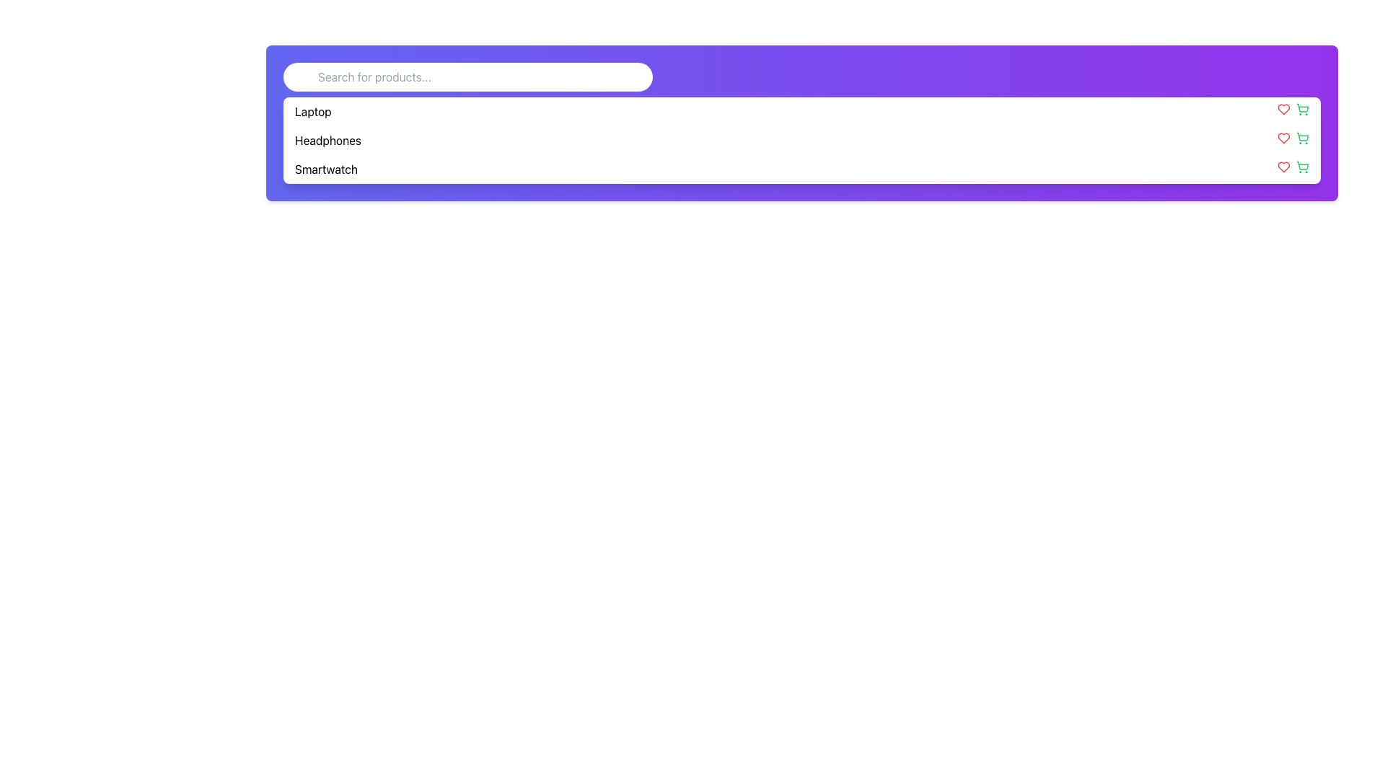 This screenshot has width=1385, height=779. Describe the element at coordinates (1284, 138) in the screenshot. I see `the heart icon located to the far right of the middle list item 'Headphones' to mark an item as a favorite` at that location.